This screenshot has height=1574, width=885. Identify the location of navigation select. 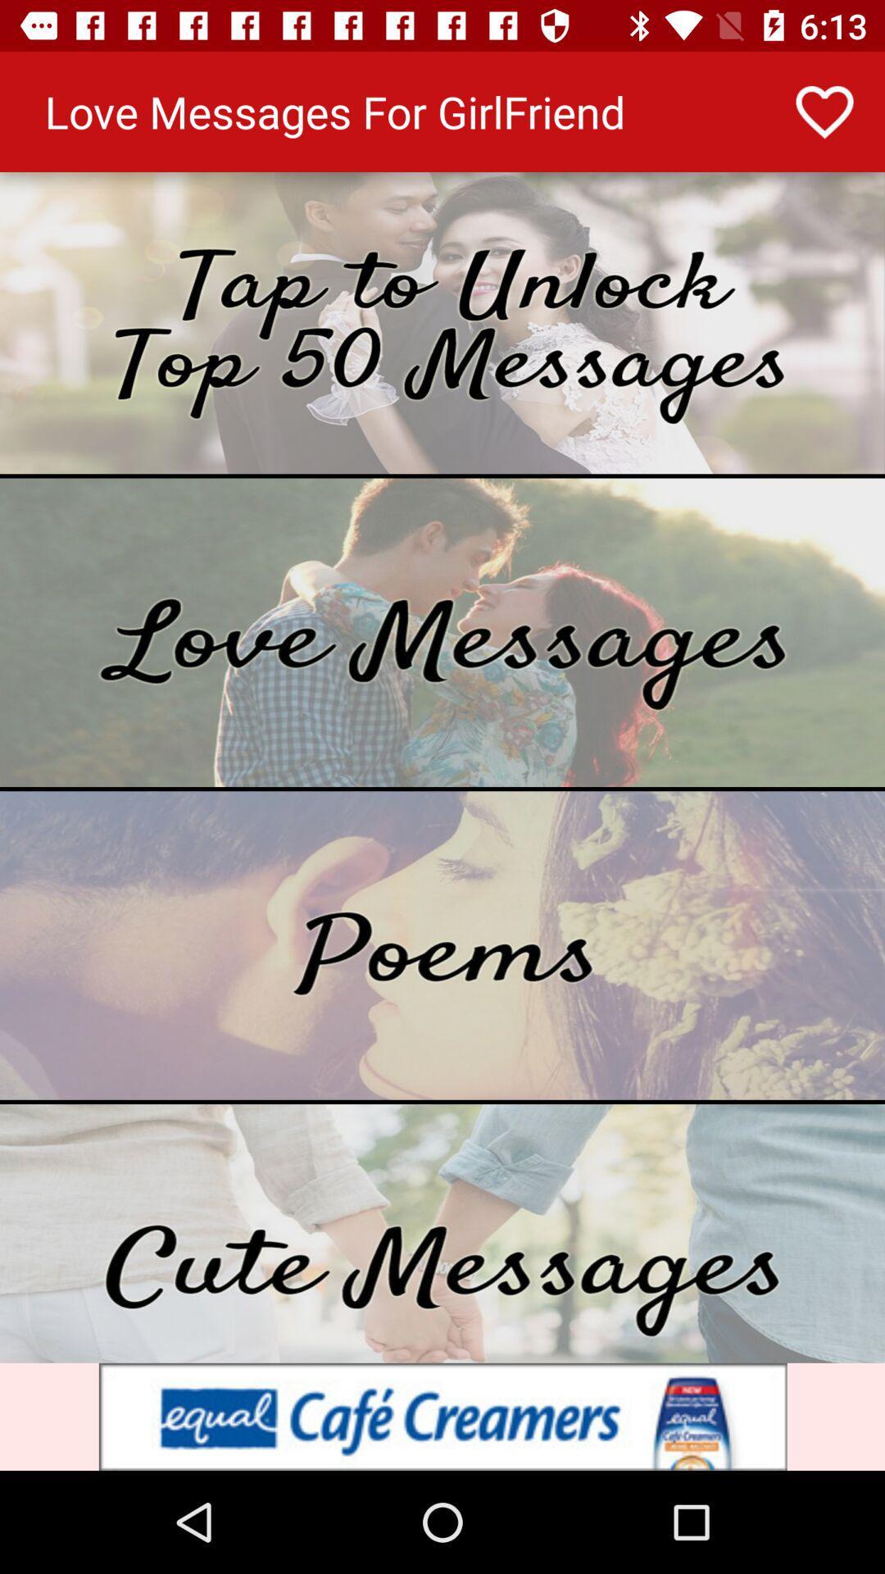
(442, 1233).